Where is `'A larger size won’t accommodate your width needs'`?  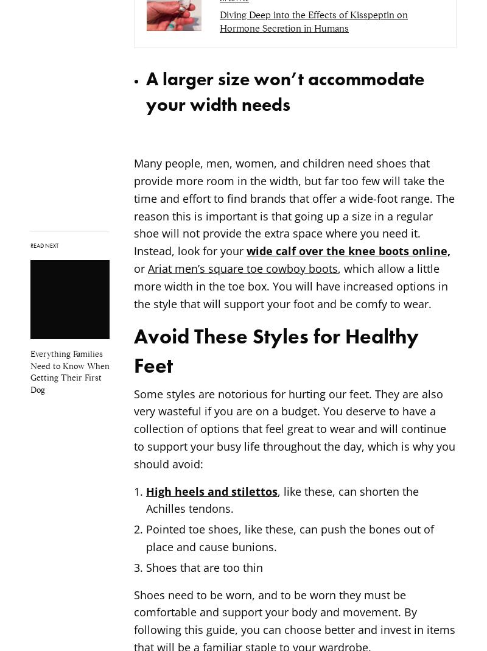 'A larger size won’t accommodate your width needs' is located at coordinates (285, 92).